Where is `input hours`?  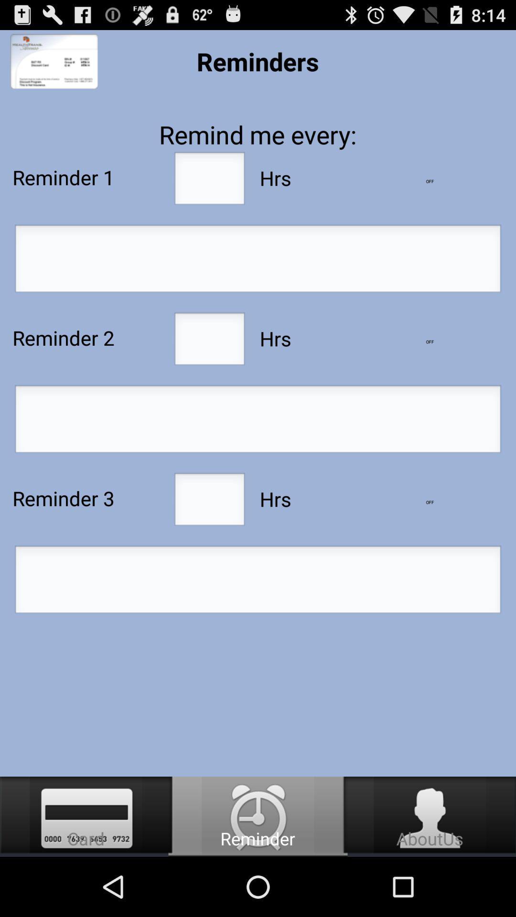
input hours is located at coordinates (209, 181).